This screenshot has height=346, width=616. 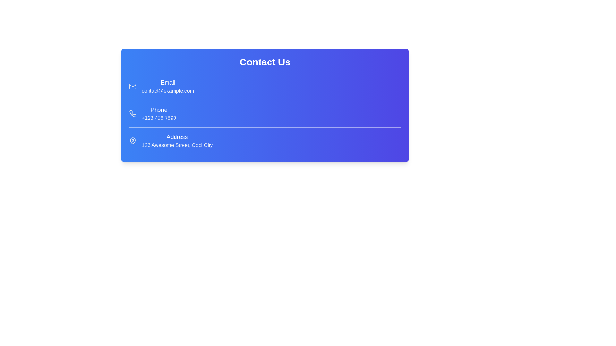 I want to click on the phone icon that visually represents a phone symbol, located next to the phone label displaying the text '+123 456 7890' in the contact information row, so click(x=133, y=113).